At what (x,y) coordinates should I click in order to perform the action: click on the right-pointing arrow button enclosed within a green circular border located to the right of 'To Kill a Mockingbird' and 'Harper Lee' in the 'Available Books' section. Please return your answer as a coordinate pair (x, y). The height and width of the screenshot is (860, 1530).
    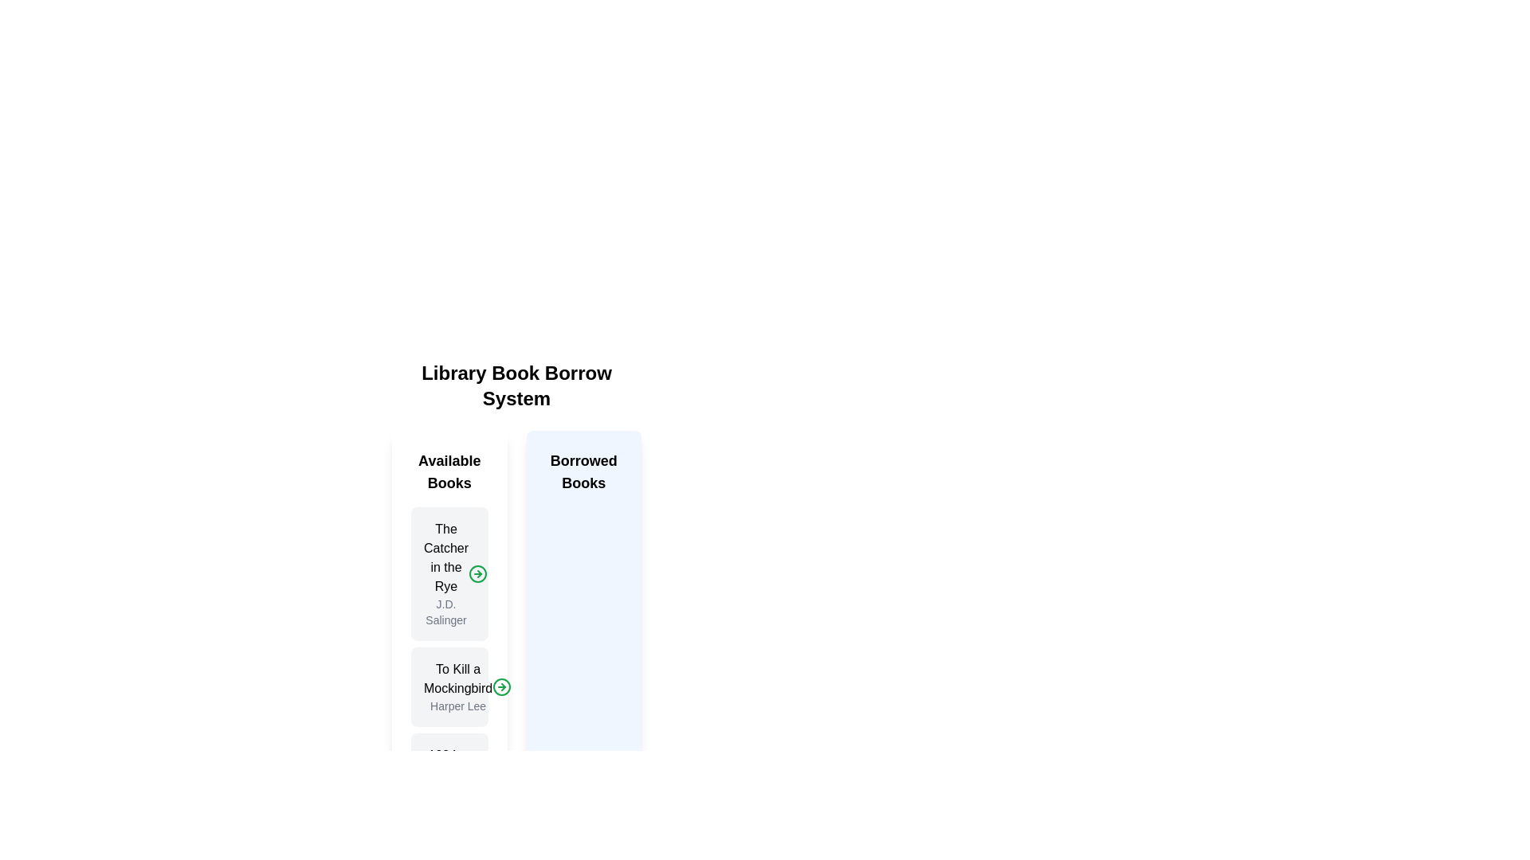
    Looking at the image, I should click on (501, 686).